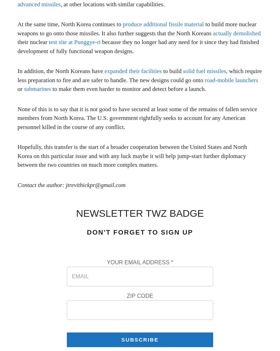  I want to click on 'actually demolished', so click(237, 33).